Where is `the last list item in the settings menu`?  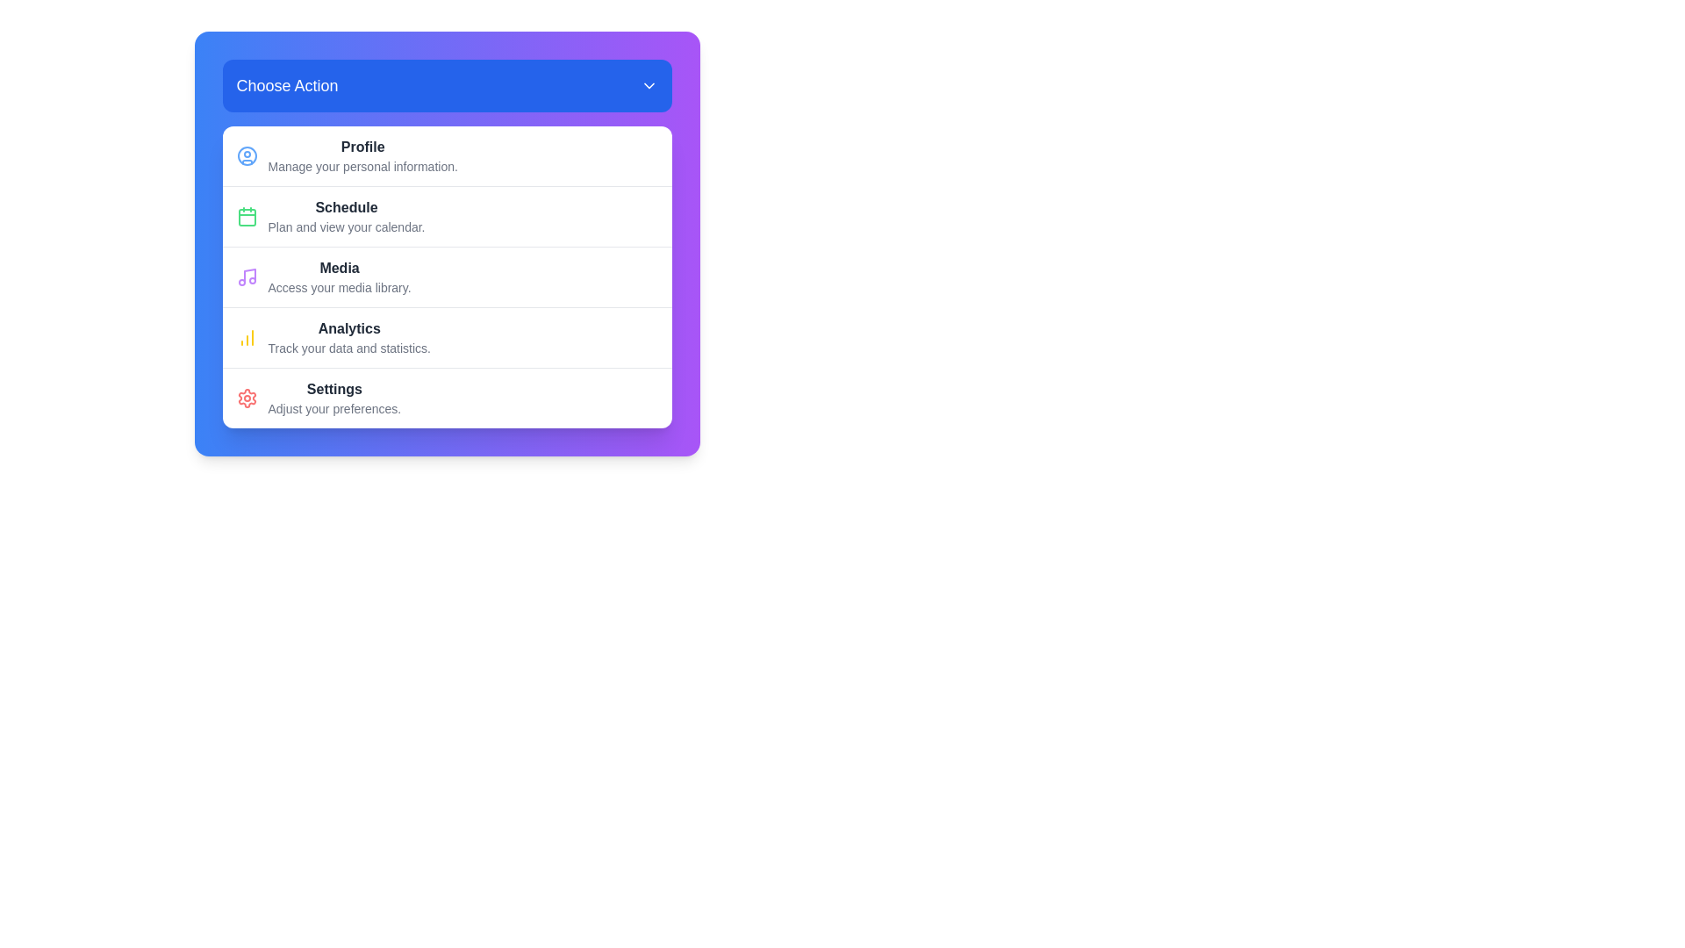 the last list item in the settings menu is located at coordinates (447, 398).